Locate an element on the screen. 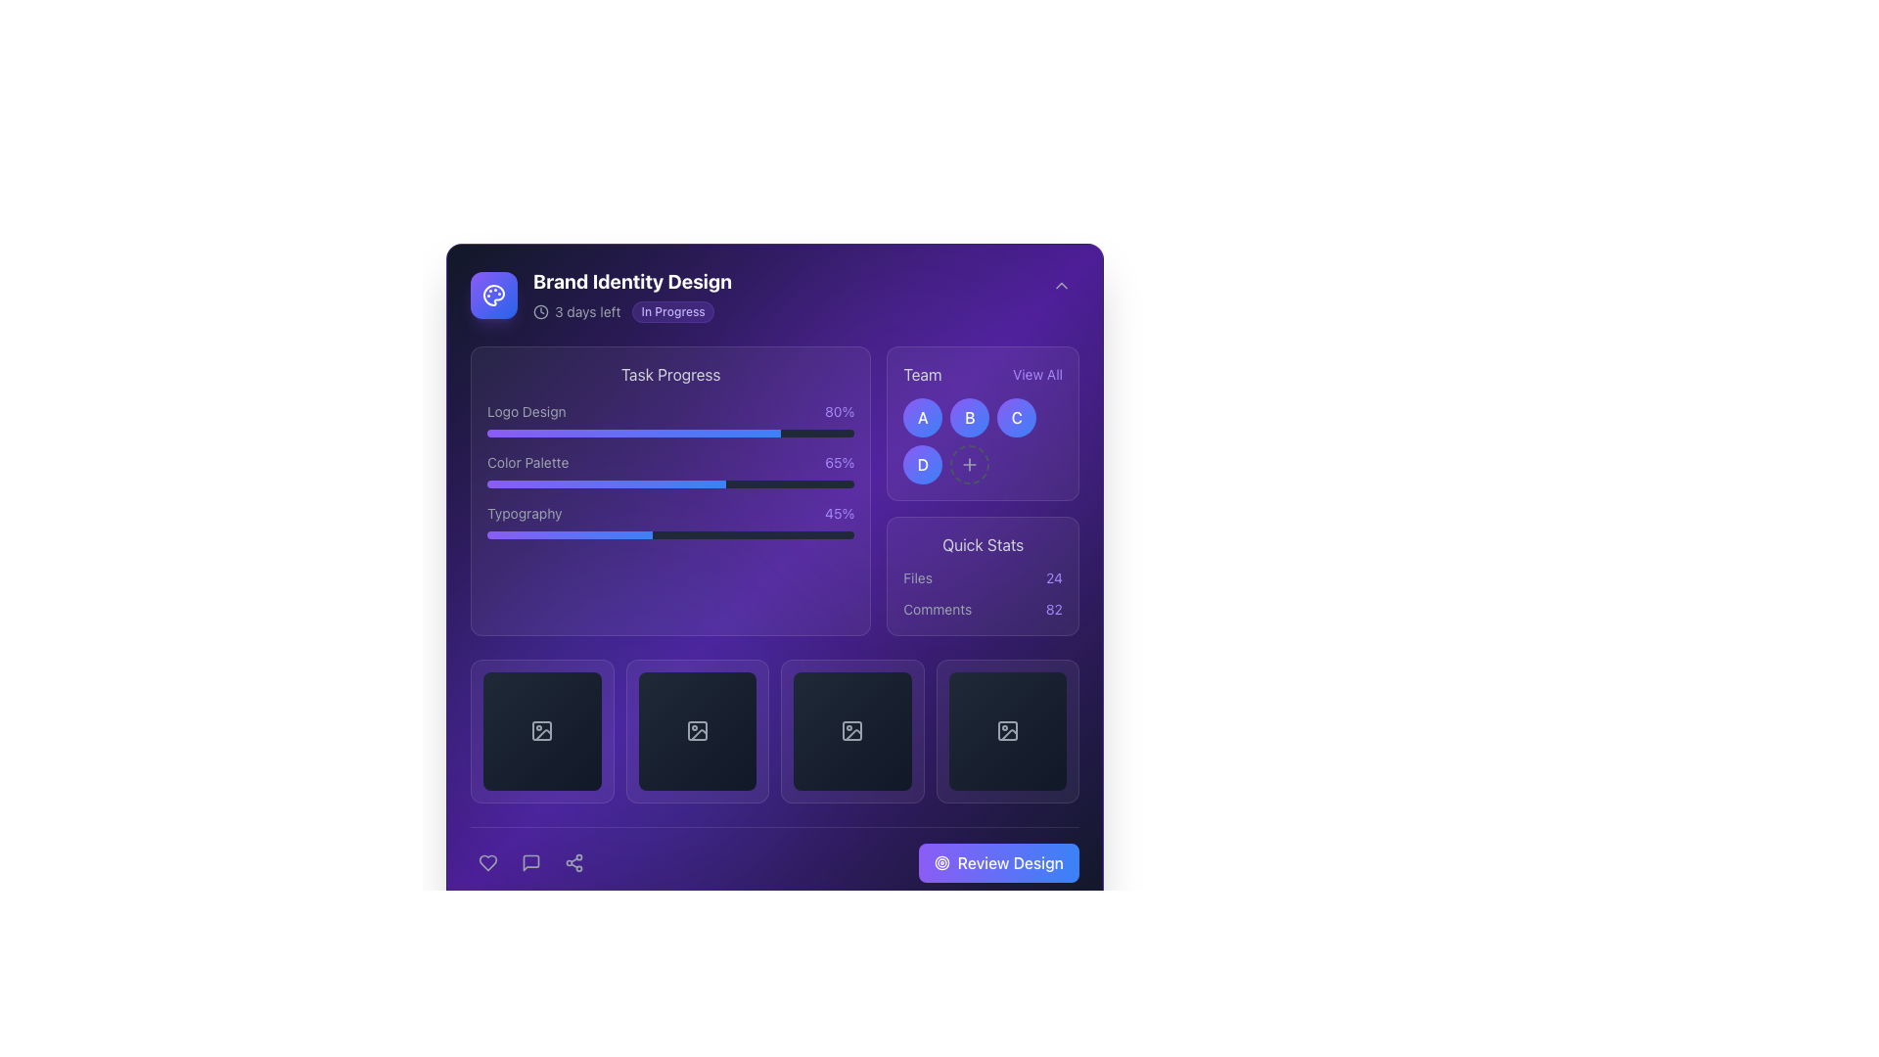 Image resolution: width=1879 pixels, height=1057 pixels. the Image icon, which features a dark gradient background and a mountain scene icon is located at coordinates (697, 731).